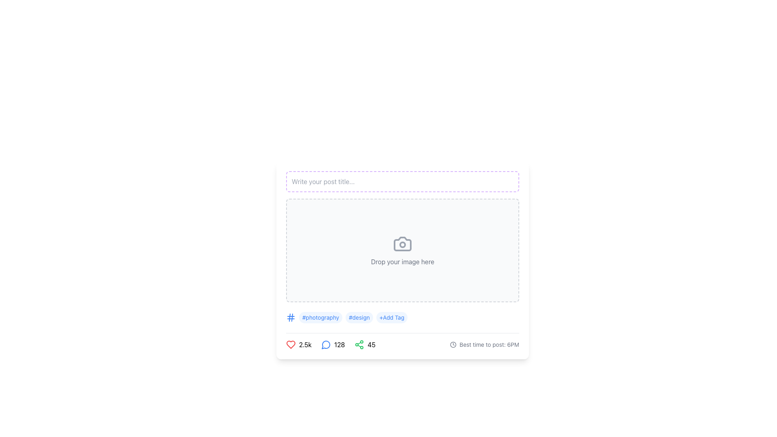 Image resolution: width=777 pixels, height=437 pixels. What do you see at coordinates (484, 345) in the screenshot?
I see `the descriptive text element that provides recommendations for sharing posts, located at the bottom right of the post editor, near interaction counts like heart and comment icons` at bounding box center [484, 345].